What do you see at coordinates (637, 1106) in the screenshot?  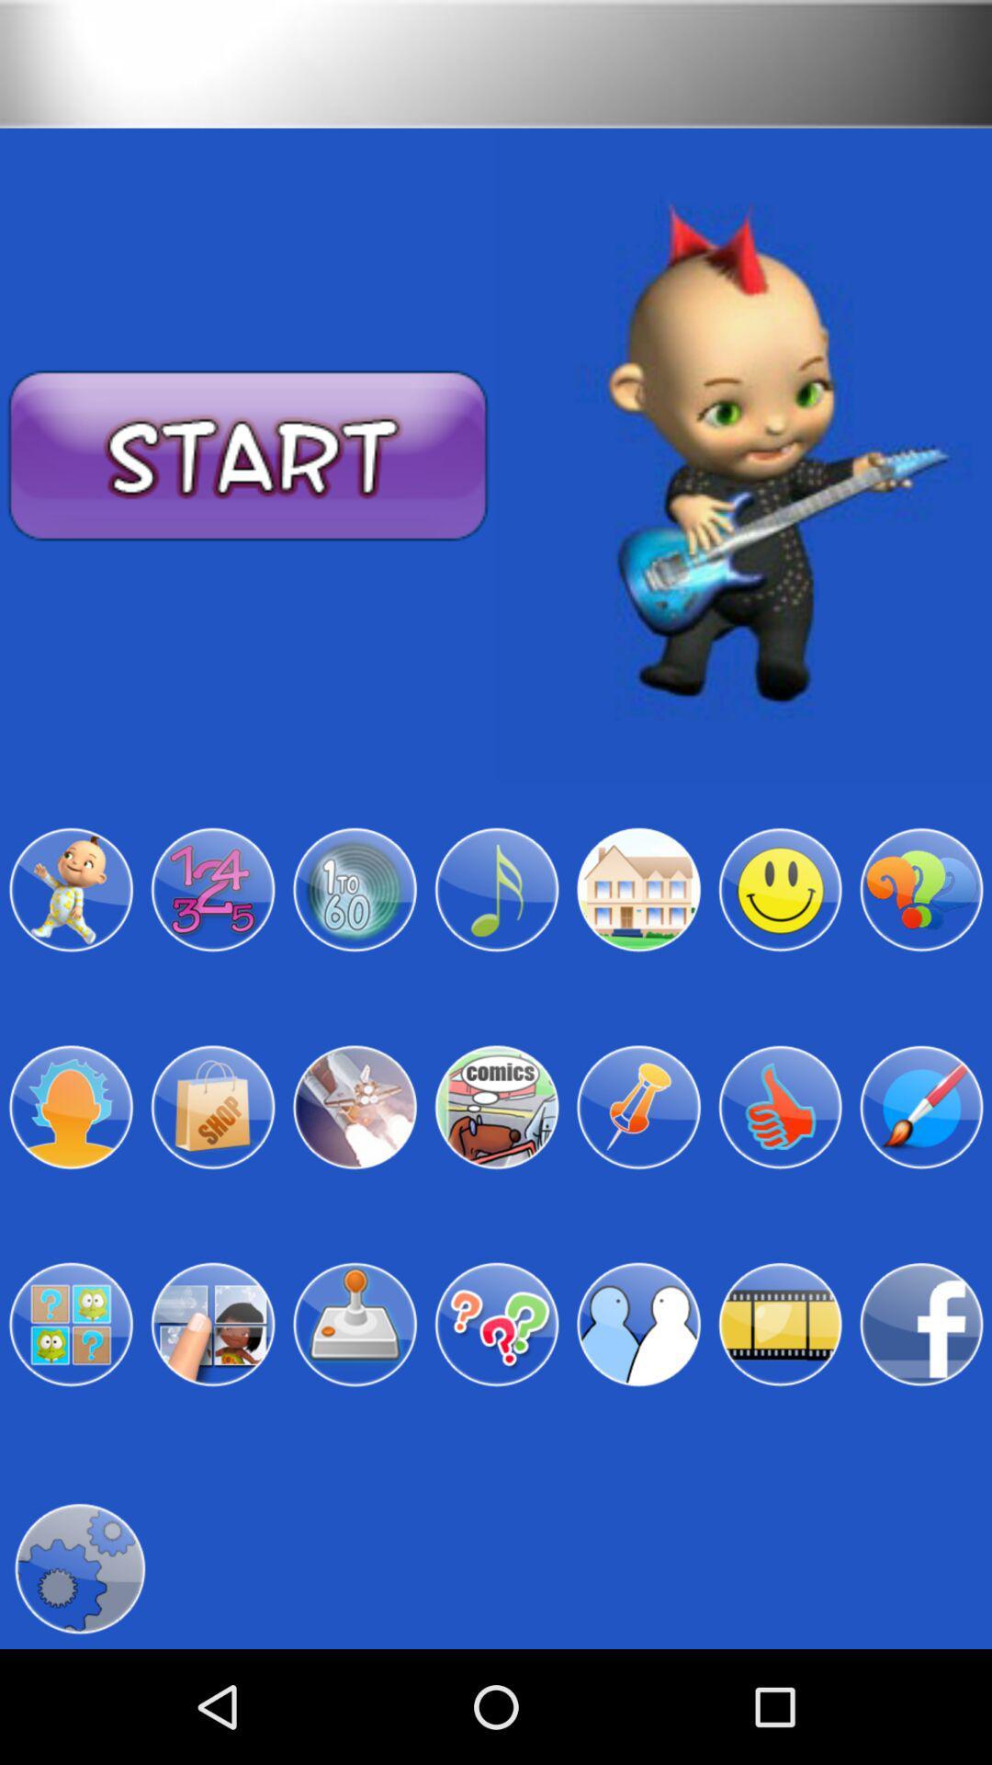 I see `board pin icon` at bounding box center [637, 1106].